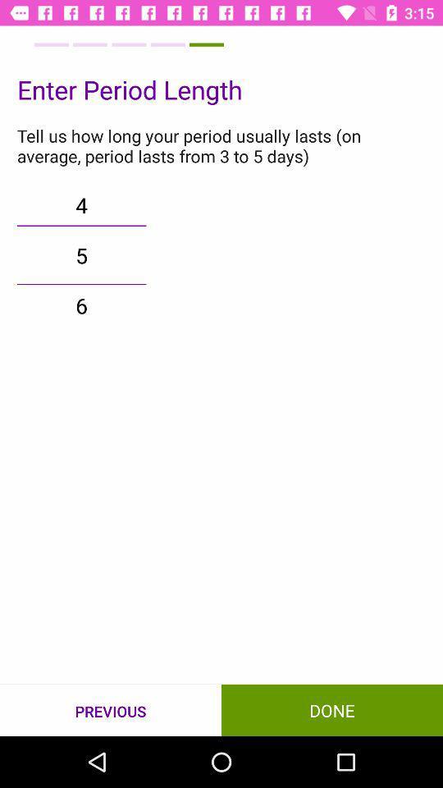 The width and height of the screenshot is (443, 788). What do you see at coordinates (332, 709) in the screenshot?
I see `done` at bounding box center [332, 709].